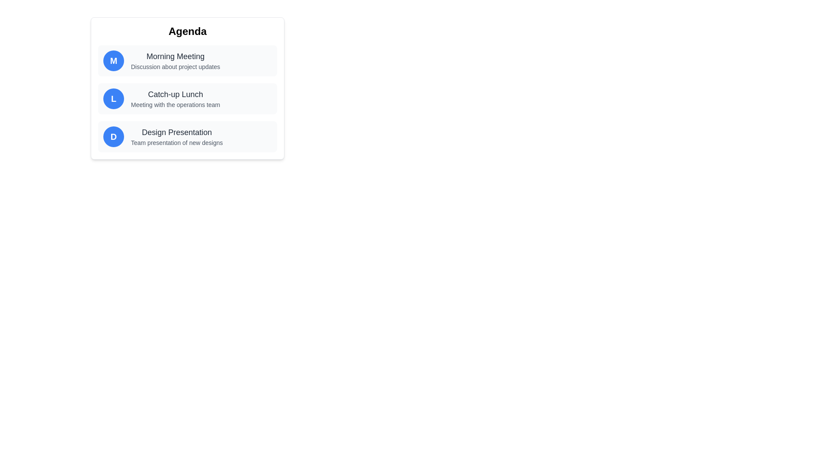 This screenshot has height=466, width=830. Describe the element at coordinates (187, 31) in the screenshot. I see `the header text element displaying 'Agenda', which is a large, bold, black title centered at the top of a white card-like structure` at that location.